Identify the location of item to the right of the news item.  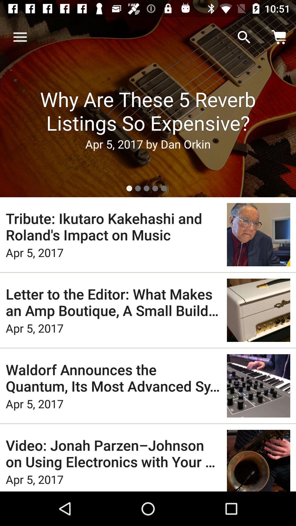
(244, 37).